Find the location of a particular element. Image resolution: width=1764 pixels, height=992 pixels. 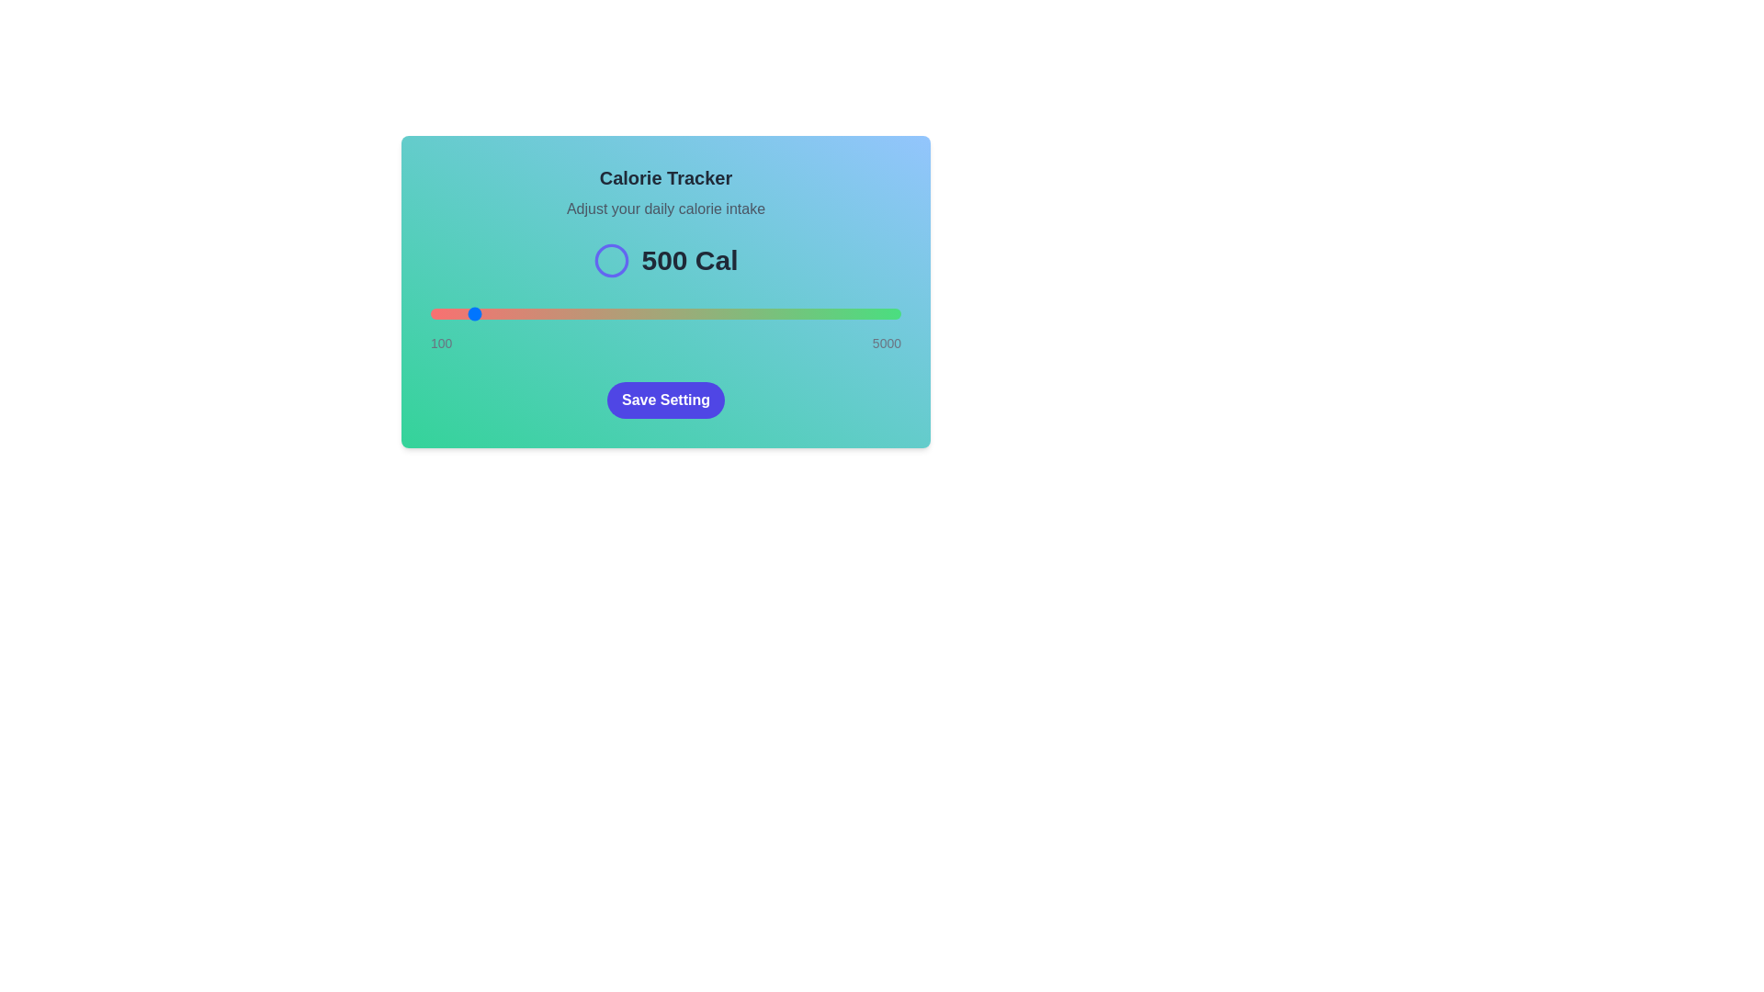

the slider to 3003 calories to observe the color gradient is located at coordinates (708, 313).